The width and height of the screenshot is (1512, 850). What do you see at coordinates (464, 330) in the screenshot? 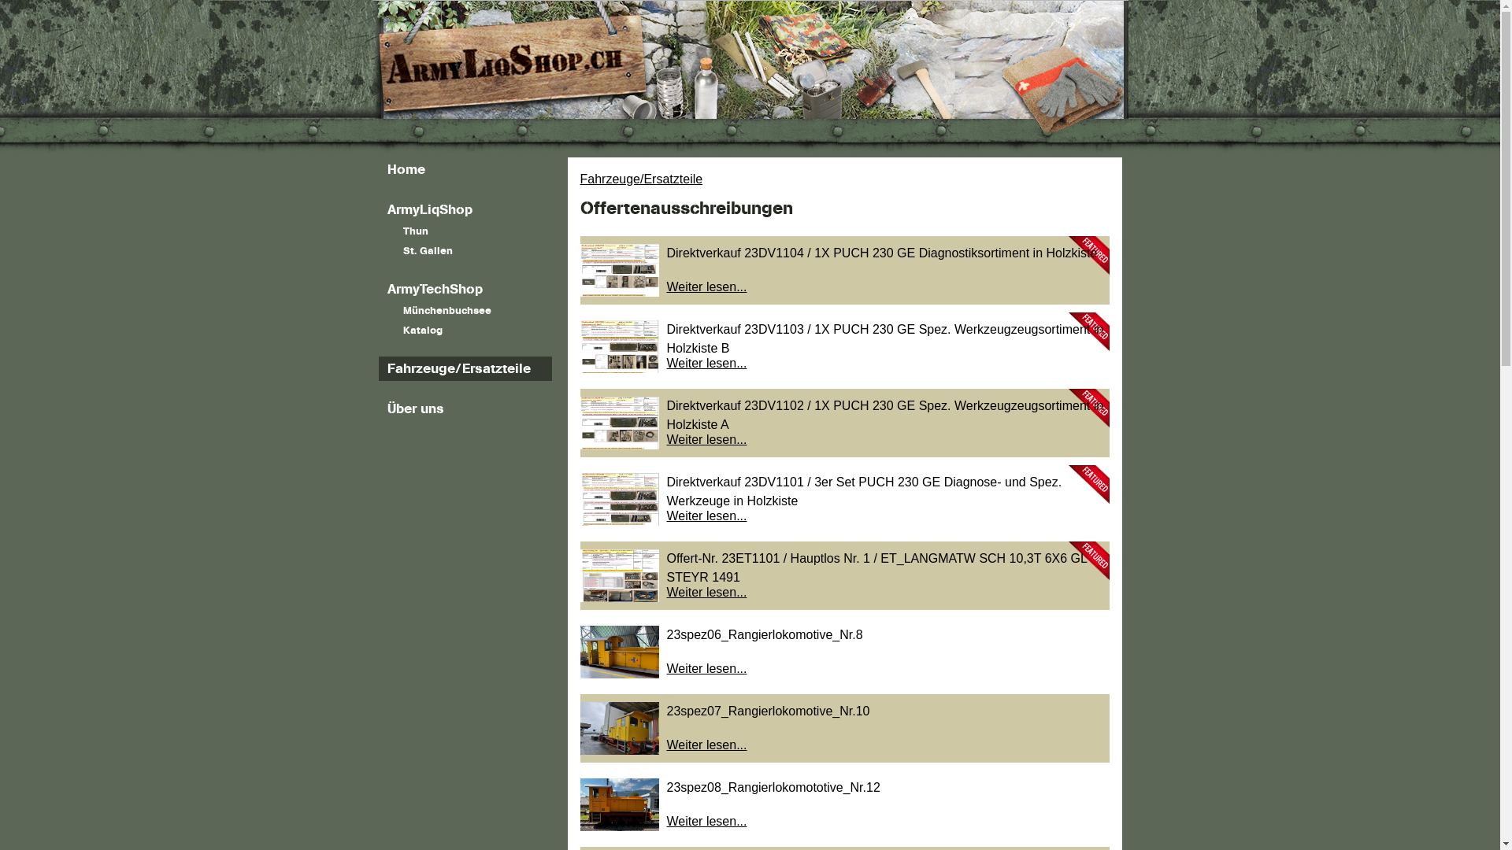
I see `'Katalog'` at bounding box center [464, 330].